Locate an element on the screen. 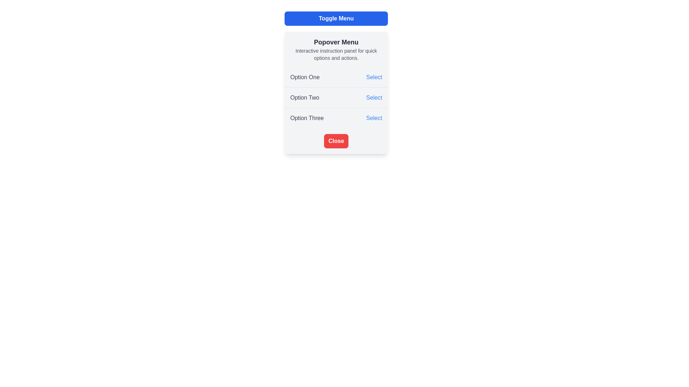  the 'Select' button in the Popover Menu, which is aligned to the right of 'Option Two' in the second row of the menu is located at coordinates (374, 98).